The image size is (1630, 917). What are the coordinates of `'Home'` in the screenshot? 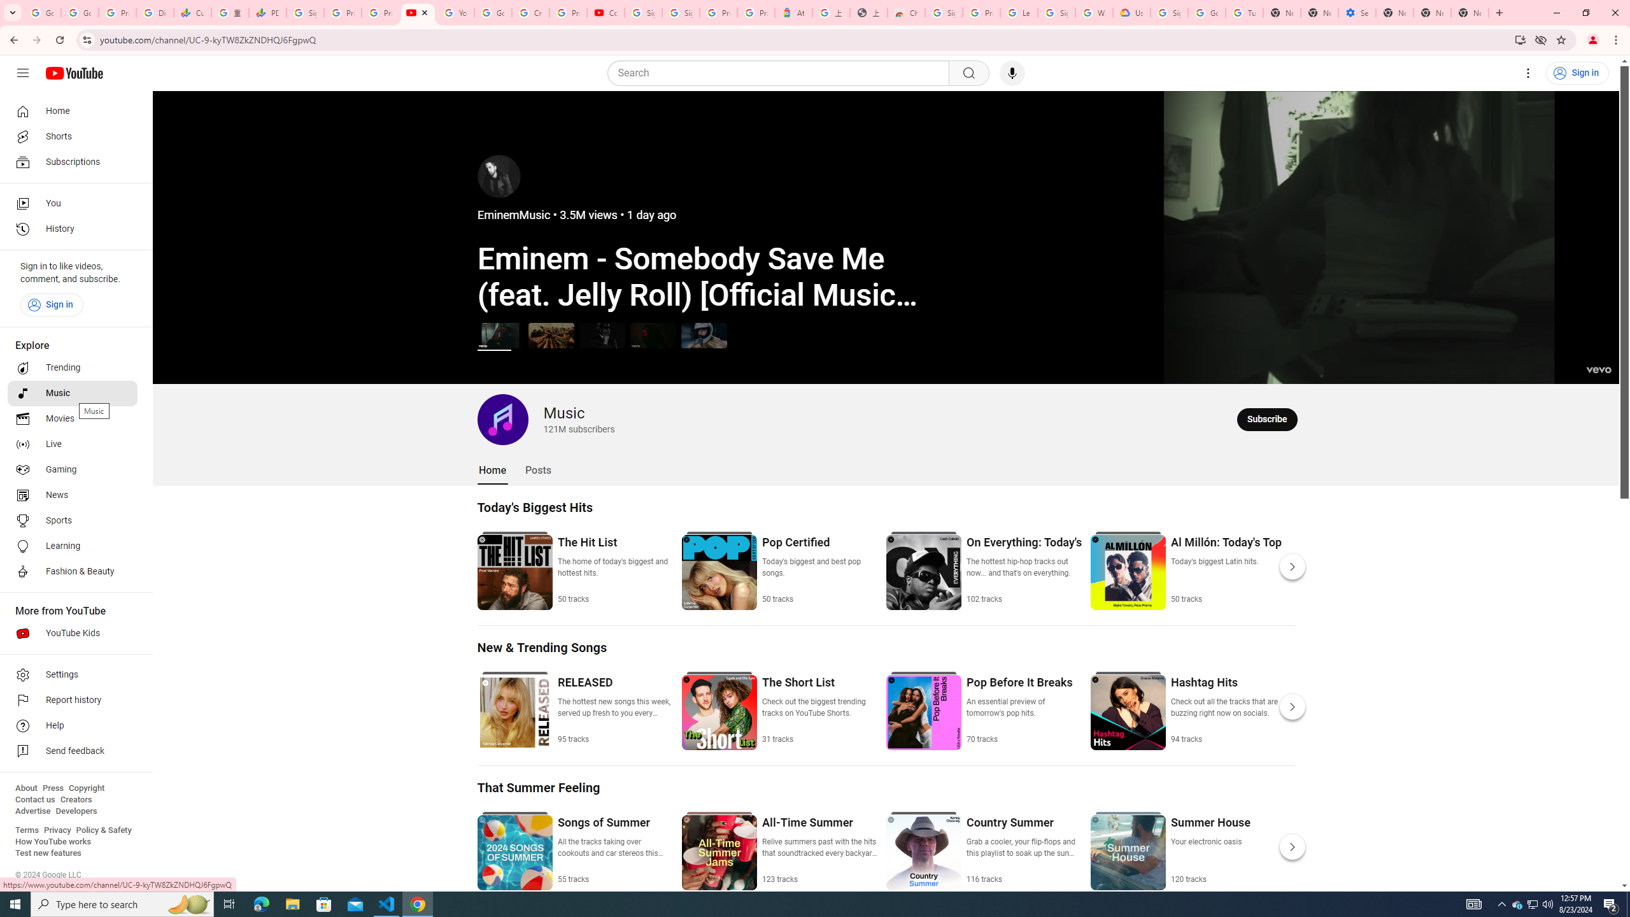 It's located at (72, 110).